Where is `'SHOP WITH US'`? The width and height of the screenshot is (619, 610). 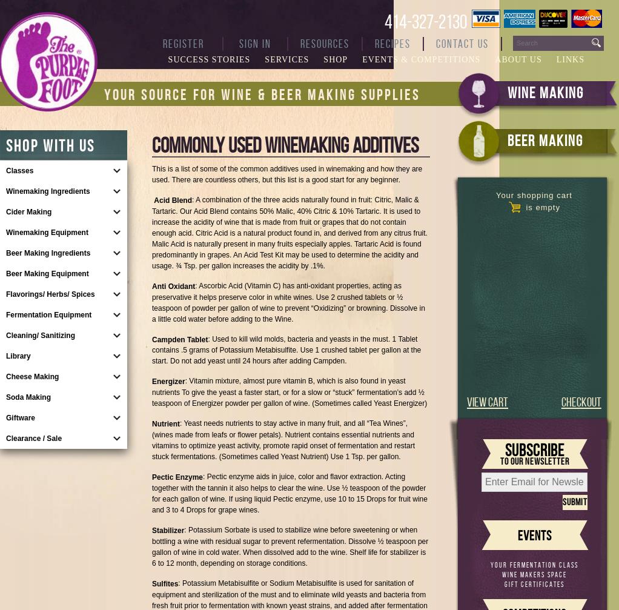
'SHOP WITH US' is located at coordinates (50, 145).